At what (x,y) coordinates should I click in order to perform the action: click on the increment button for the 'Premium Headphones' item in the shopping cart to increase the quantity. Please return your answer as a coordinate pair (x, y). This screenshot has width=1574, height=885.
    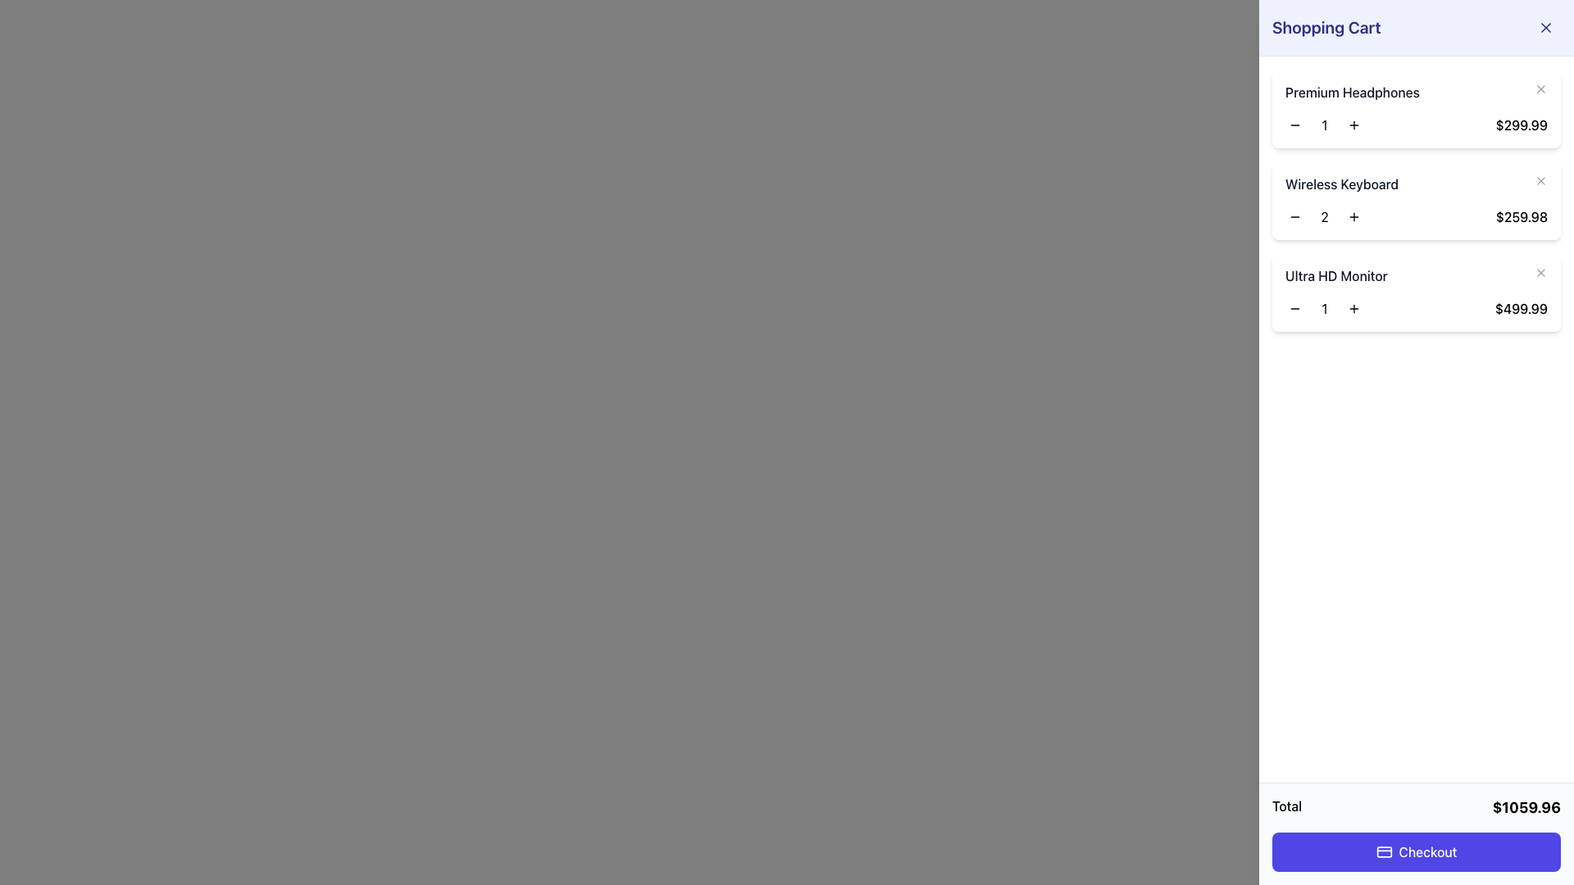
    Looking at the image, I should click on (1353, 125).